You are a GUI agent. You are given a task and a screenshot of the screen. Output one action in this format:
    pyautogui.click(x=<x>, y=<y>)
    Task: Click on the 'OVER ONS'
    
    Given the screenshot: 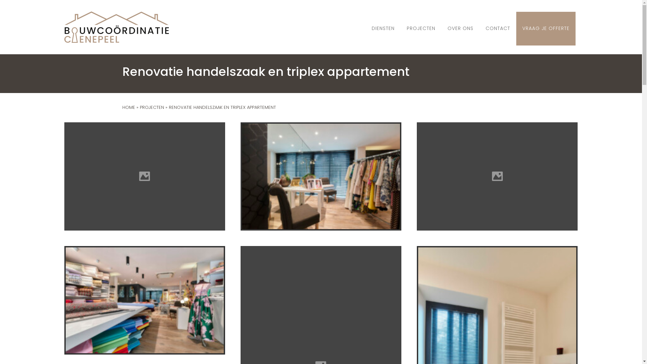 What is the action you would take?
    pyautogui.click(x=460, y=28)
    